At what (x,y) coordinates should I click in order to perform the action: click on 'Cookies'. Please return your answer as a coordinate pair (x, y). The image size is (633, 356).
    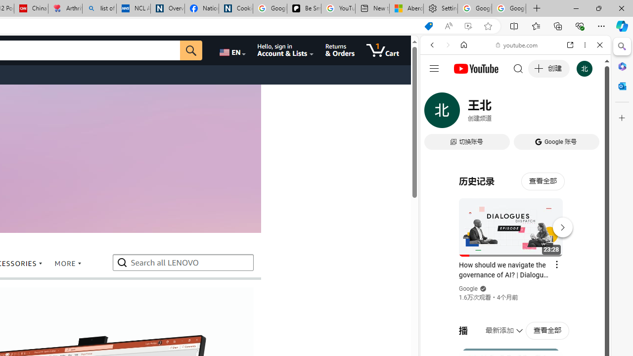
    Looking at the image, I should click on (235, 8).